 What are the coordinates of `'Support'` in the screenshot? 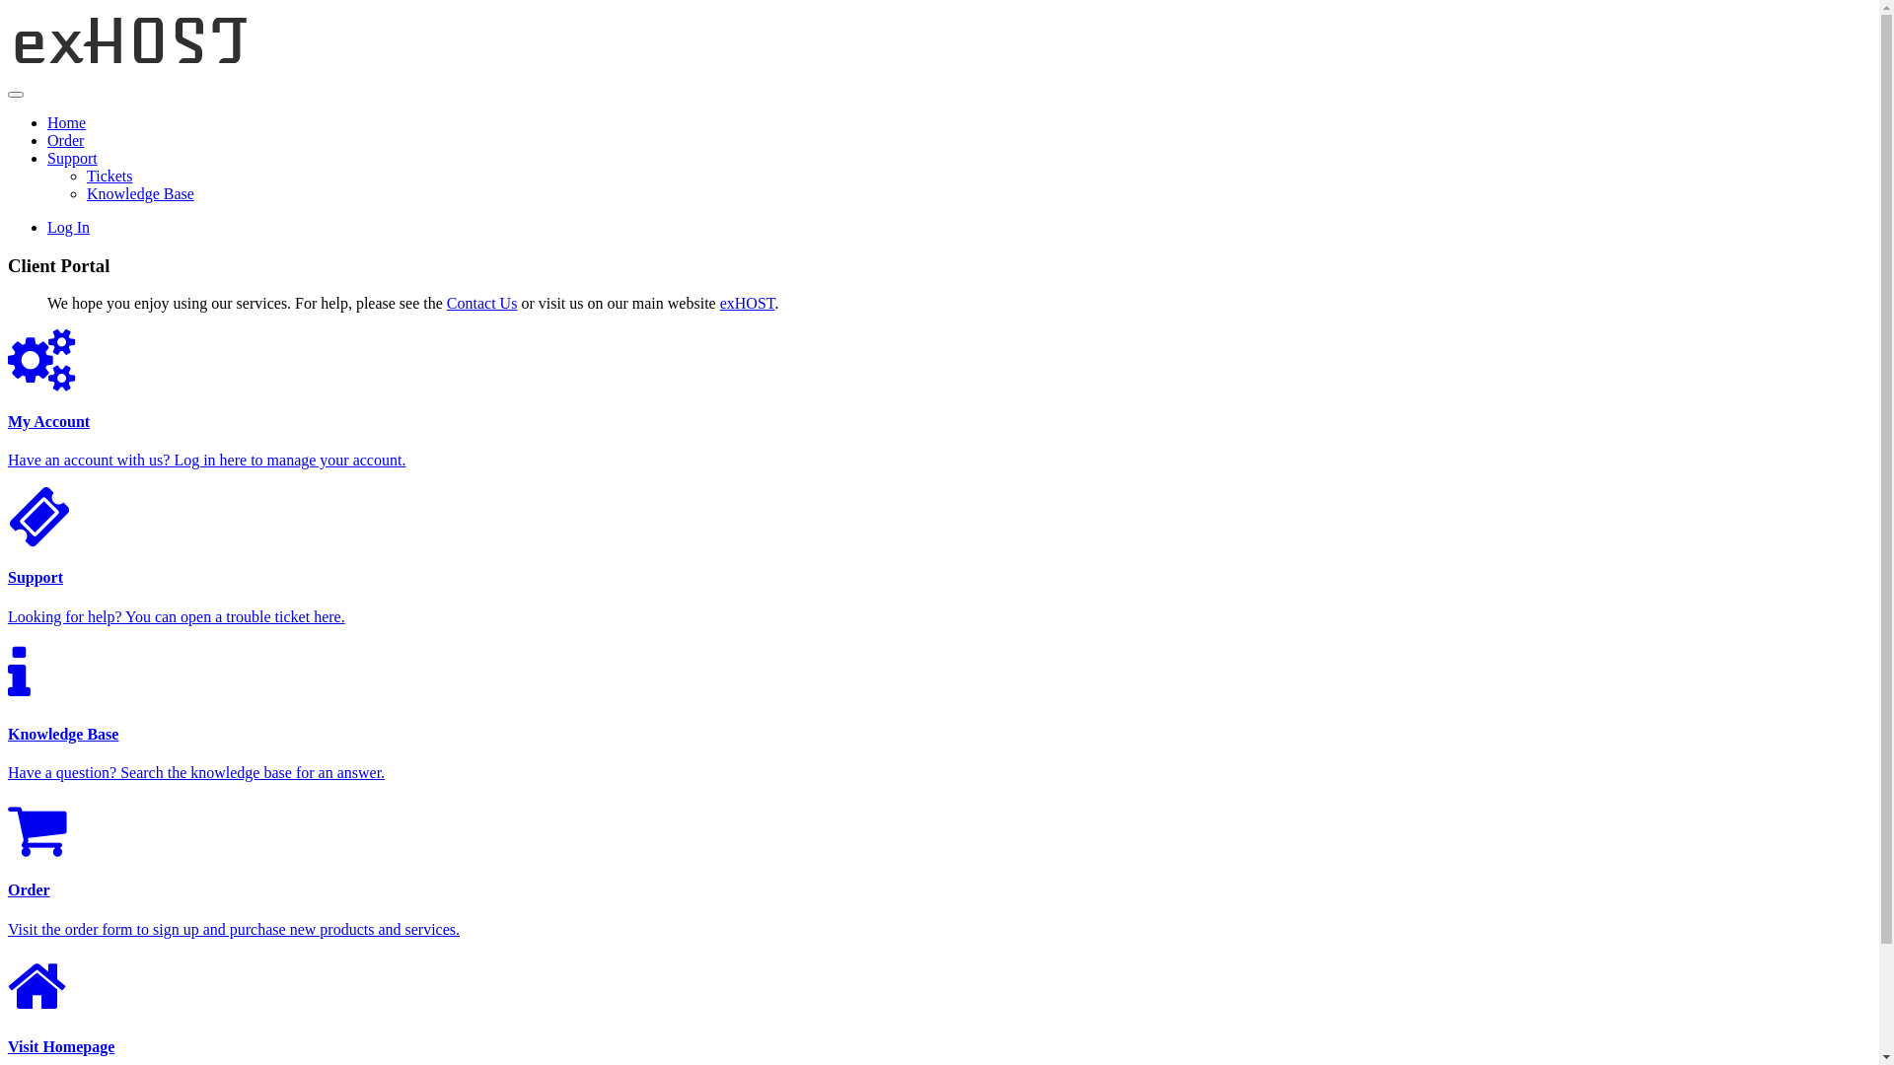 It's located at (47, 157).